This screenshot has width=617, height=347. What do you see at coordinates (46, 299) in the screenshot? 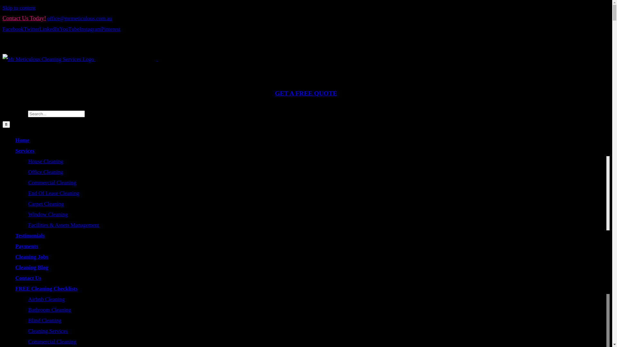
I see `'Airbnb Cleaning'` at bounding box center [46, 299].